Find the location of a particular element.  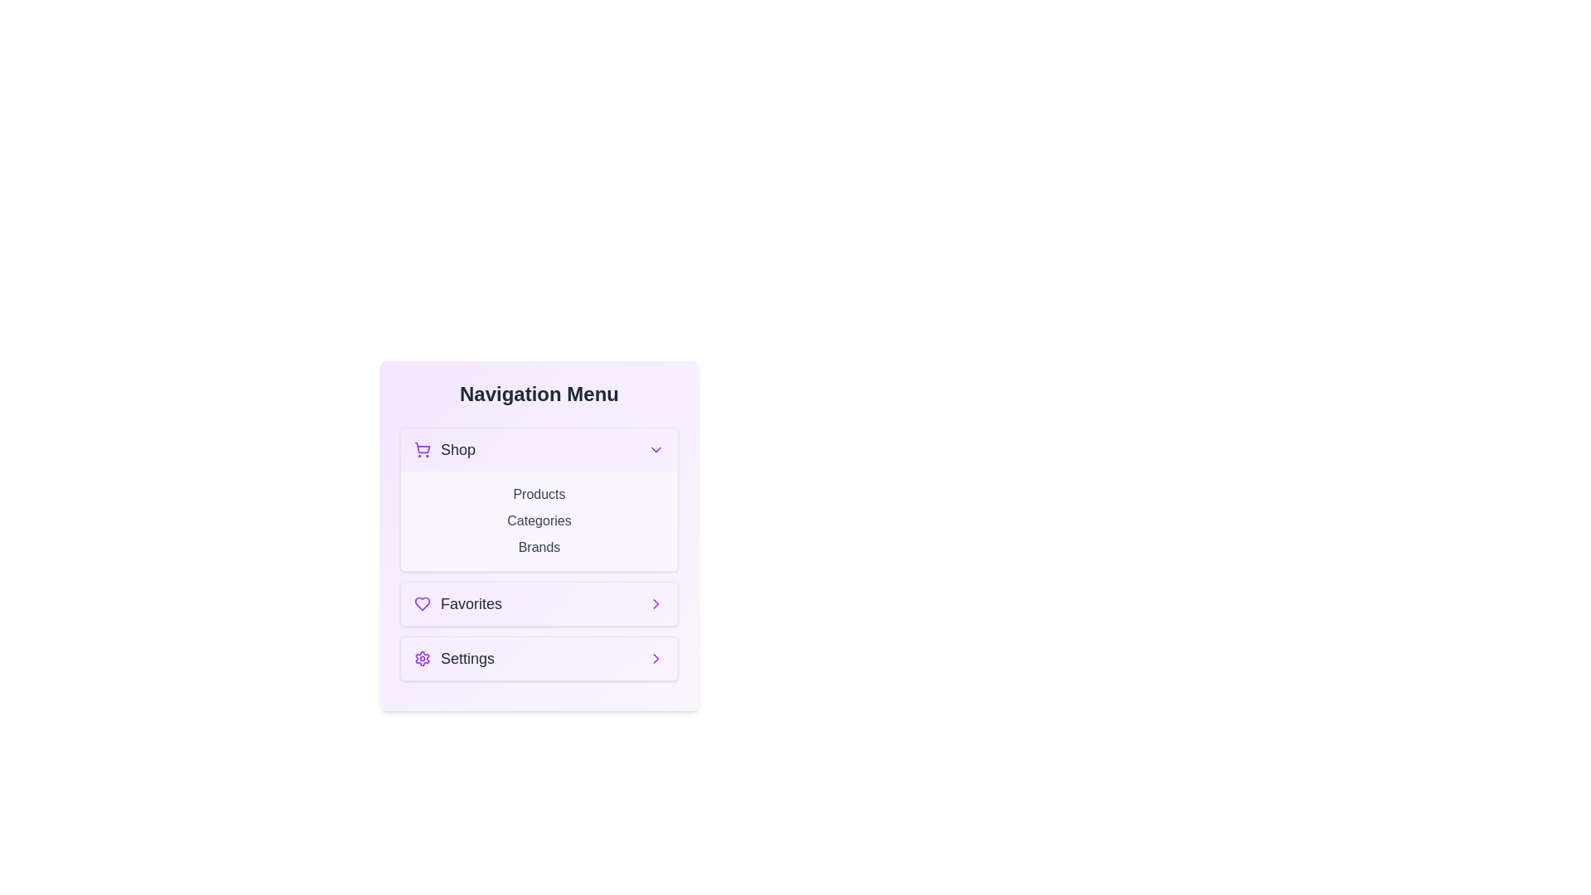

the 'Shop' menu icon, which is located on the left-hand side of the 'Shop' entry in the navigation menu, representing shopping functionality is located at coordinates (422, 450).